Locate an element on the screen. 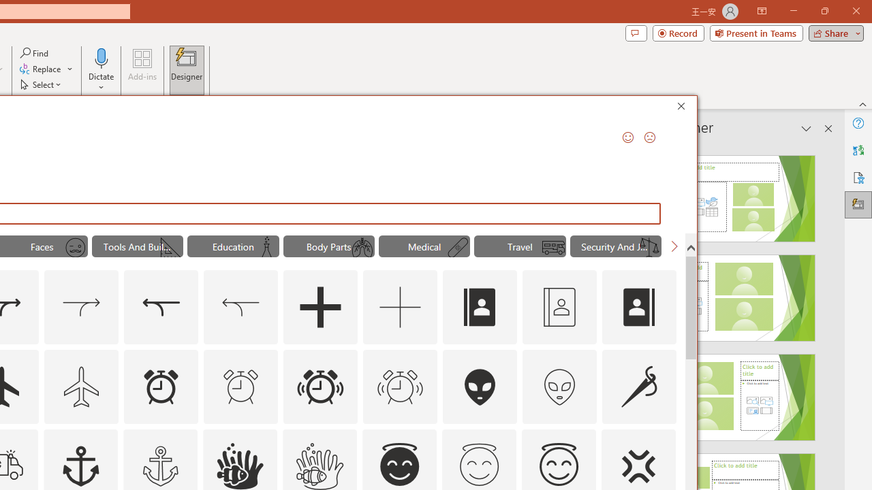 This screenshot has height=490, width=872. 'AutomationID: Icons_Add_M' is located at coordinates (400, 308).